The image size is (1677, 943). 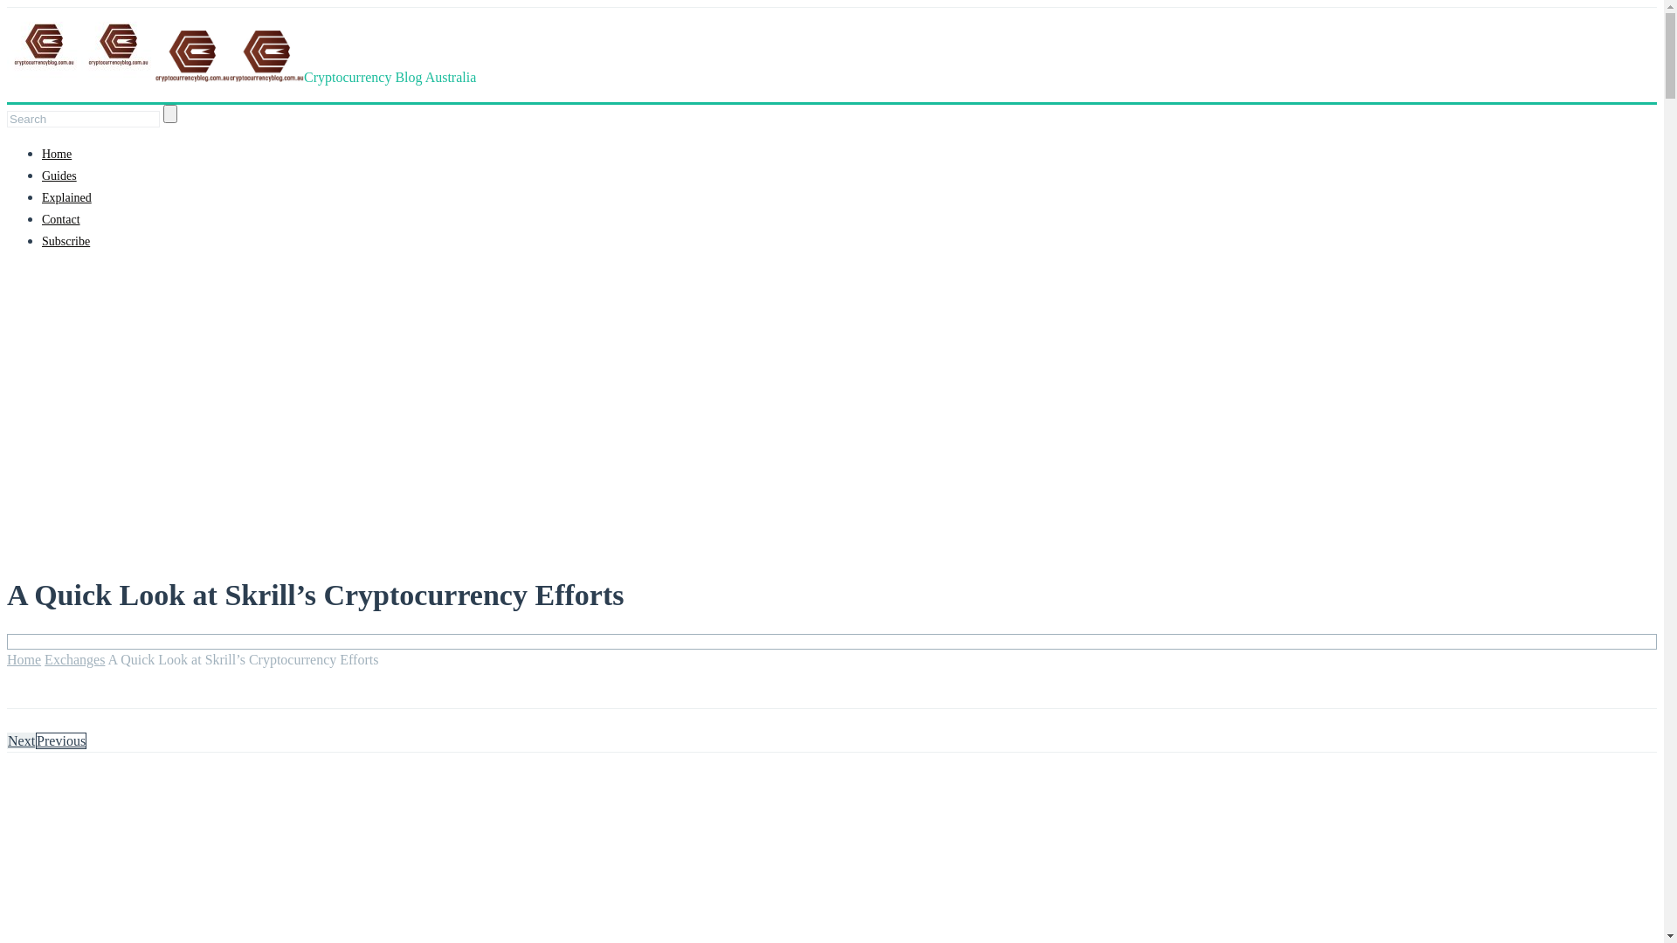 I want to click on 'Advertisement', so click(x=307, y=387).